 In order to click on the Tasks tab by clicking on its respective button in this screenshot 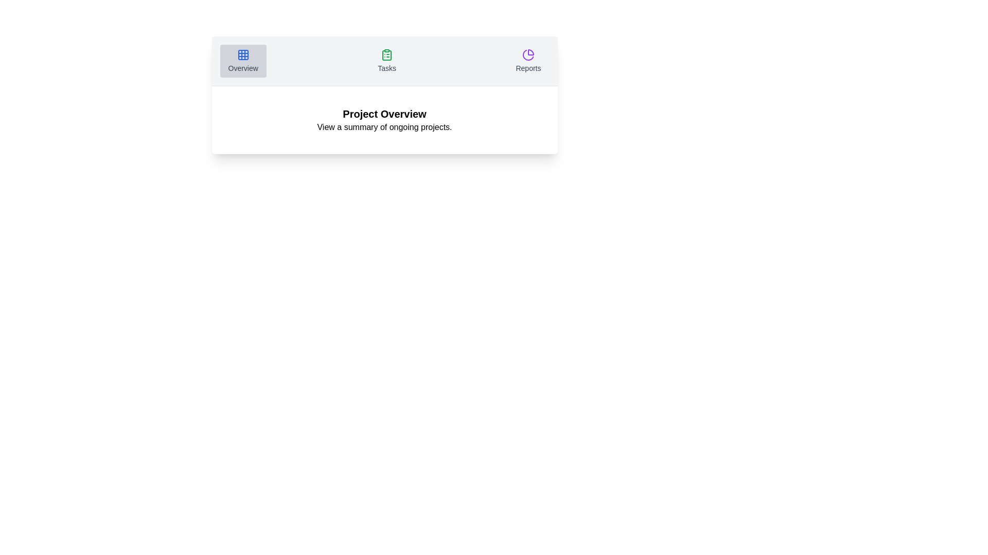, I will do `click(386, 61)`.